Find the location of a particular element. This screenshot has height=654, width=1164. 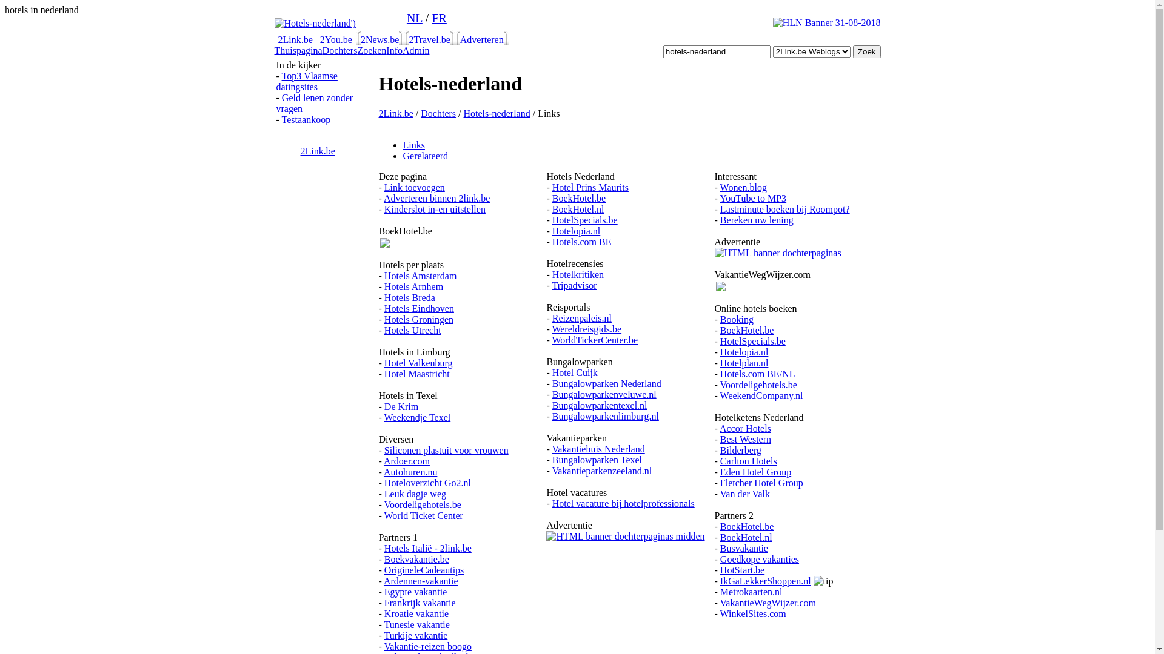

'Fletcher Hotel Group' is located at coordinates (761, 482).